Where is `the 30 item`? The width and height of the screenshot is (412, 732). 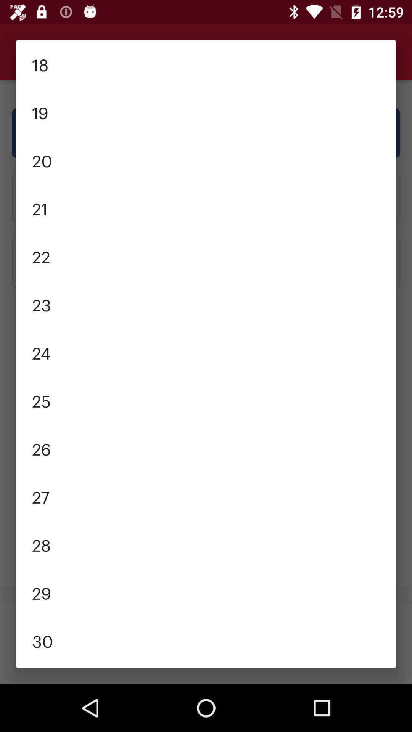 the 30 item is located at coordinates (206, 640).